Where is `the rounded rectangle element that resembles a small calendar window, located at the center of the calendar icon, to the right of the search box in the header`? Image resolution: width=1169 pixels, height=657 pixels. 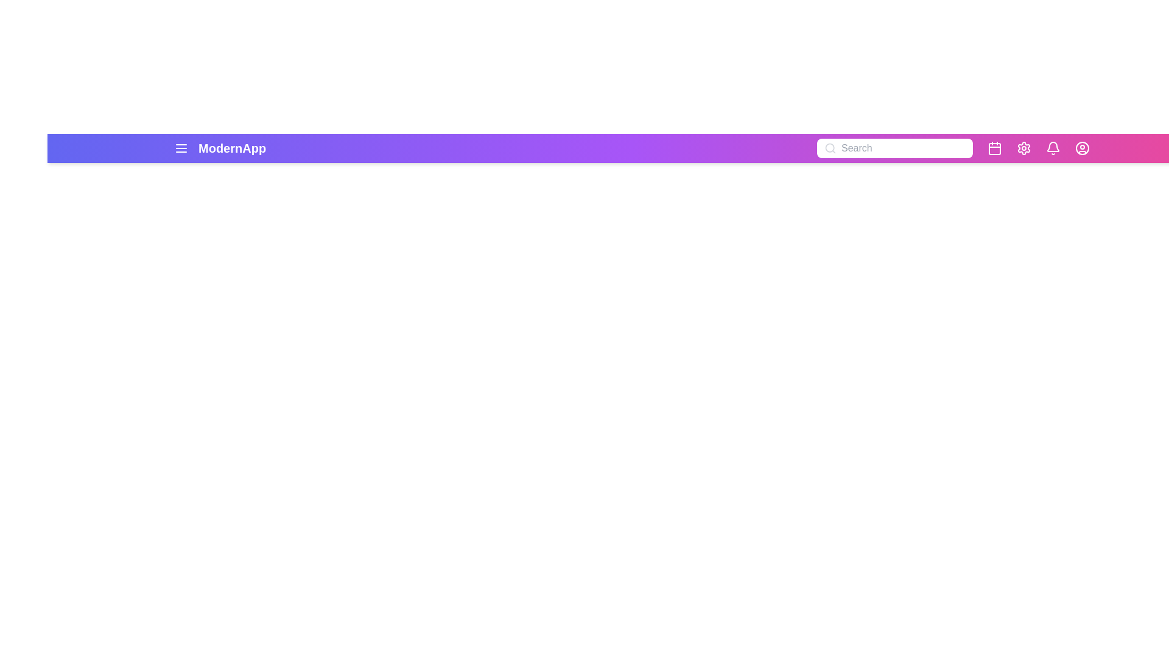
the rounded rectangle element that resembles a small calendar window, located at the center of the calendar icon, to the right of the search box in the header is located at coordinates (994, 148).